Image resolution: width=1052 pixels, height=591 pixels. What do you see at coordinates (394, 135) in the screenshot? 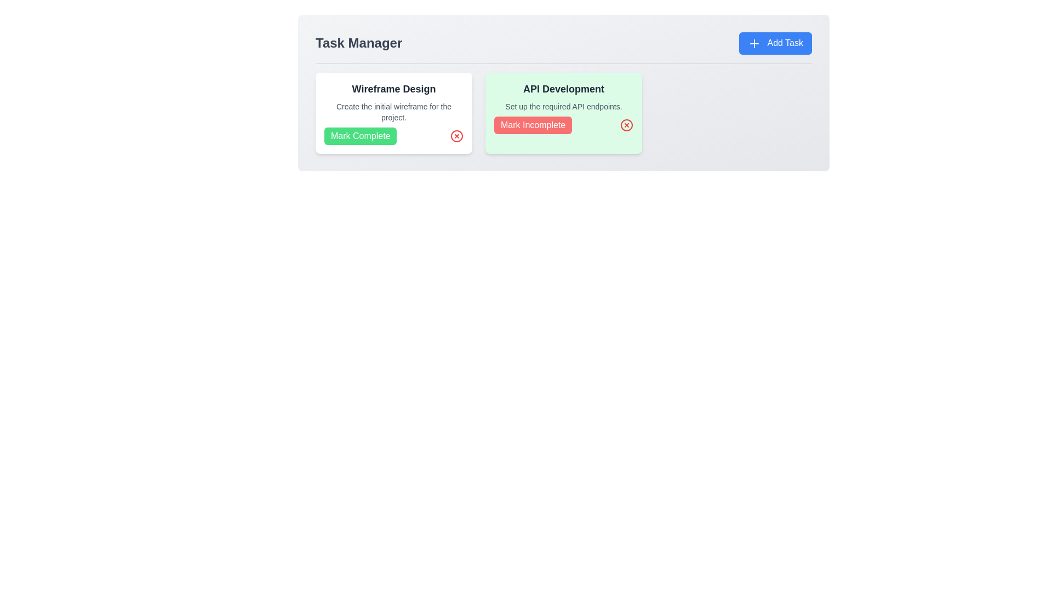
I see `the 'Mark Complete' button for the 'Wireframe Design' task to change its background color` at bounding box center [394, 135].